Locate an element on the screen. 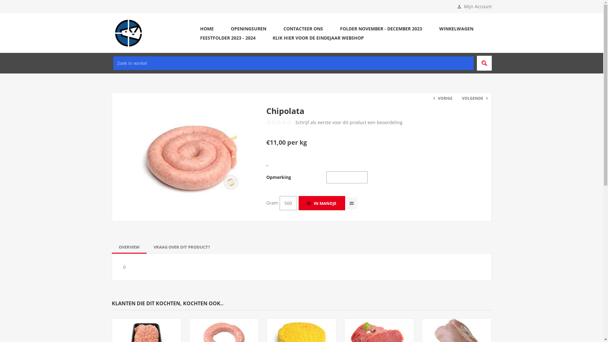 The width and height of the screenshot is (608, 342). 'FEESTFOLDER 2023 - 2024' is located at coordinates (227, 37).